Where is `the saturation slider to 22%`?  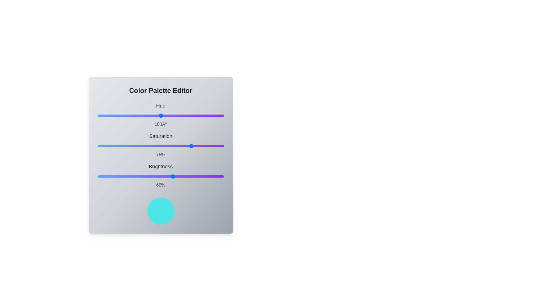 the saturation slider to 22% is located at coordinates (125, 146).